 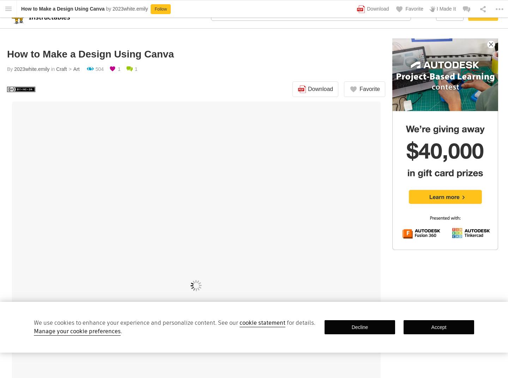 What do you see at coordinates (121, 331) in the screenshot?
I see `'.'` at bounding box center [121, 331].